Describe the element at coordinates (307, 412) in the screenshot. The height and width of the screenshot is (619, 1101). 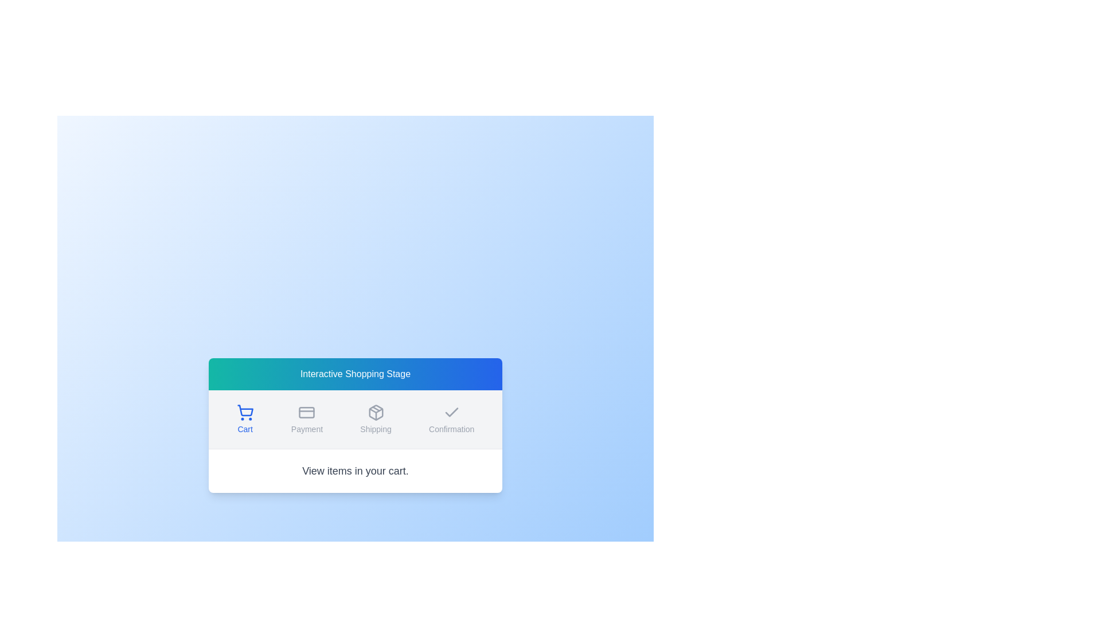
I see `the Payment icon in the navigation component, which is the second icon among Cart, Payment, Shipping, and Confirmation, visually representing the Payment section` at that location.